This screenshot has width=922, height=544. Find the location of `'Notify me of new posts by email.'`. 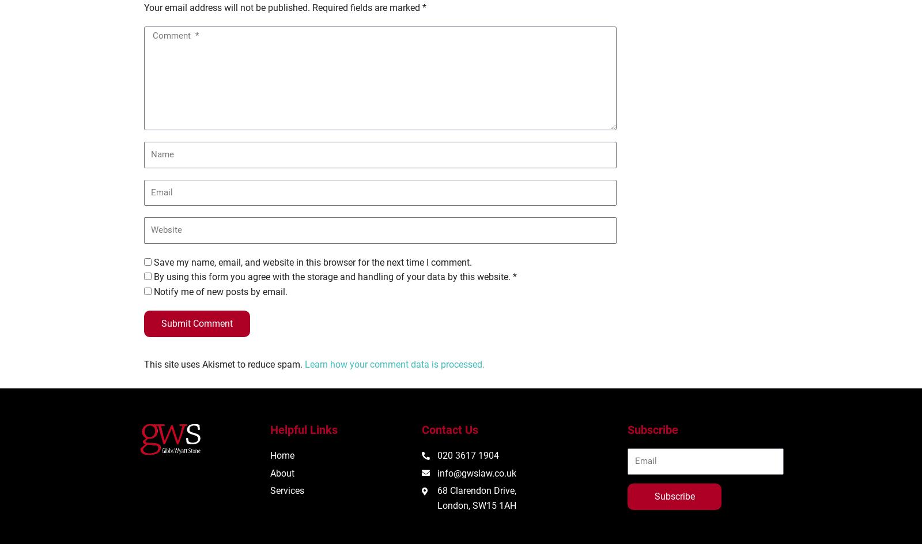

'Notify me of new posts by email.' is located at coordinates (154, 291).